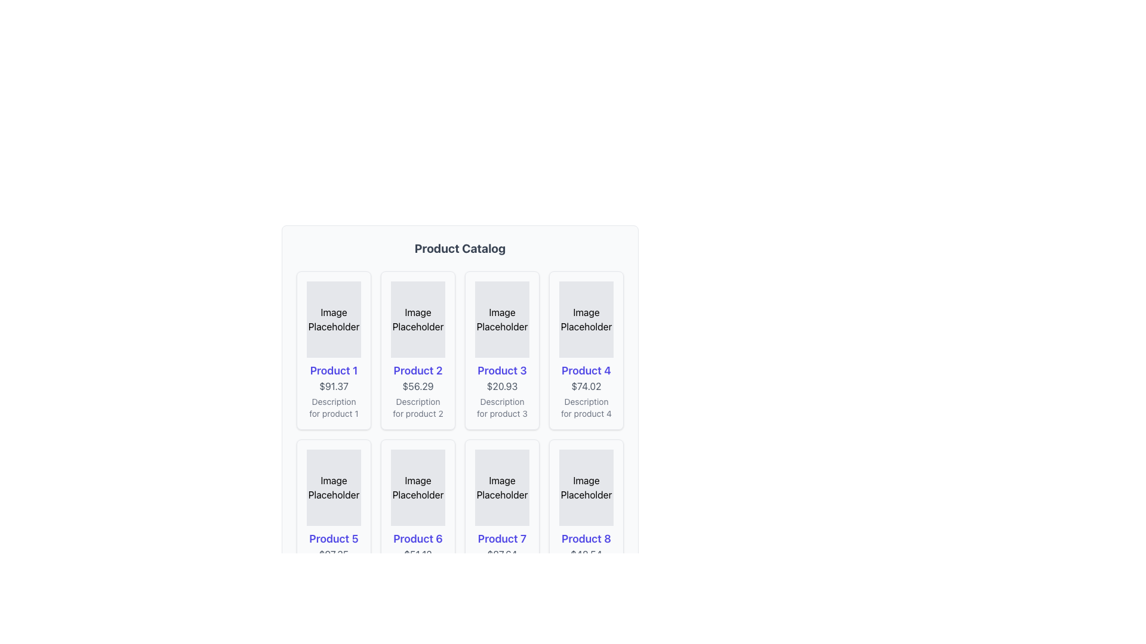 Image resolution: width=1146 pixels, height=644 pixels. I want to click on the Text label which serves as the product title, located centrally in the first column of the product grid, so click(334, 370).